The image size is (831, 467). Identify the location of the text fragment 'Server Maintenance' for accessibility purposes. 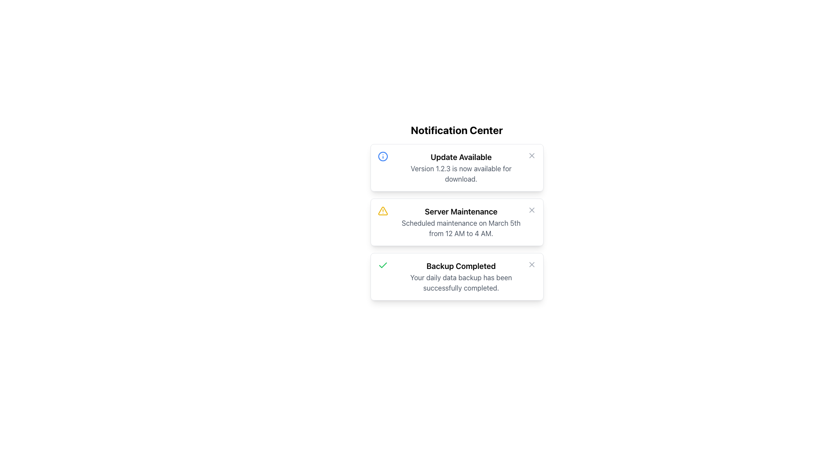
(461, 211).